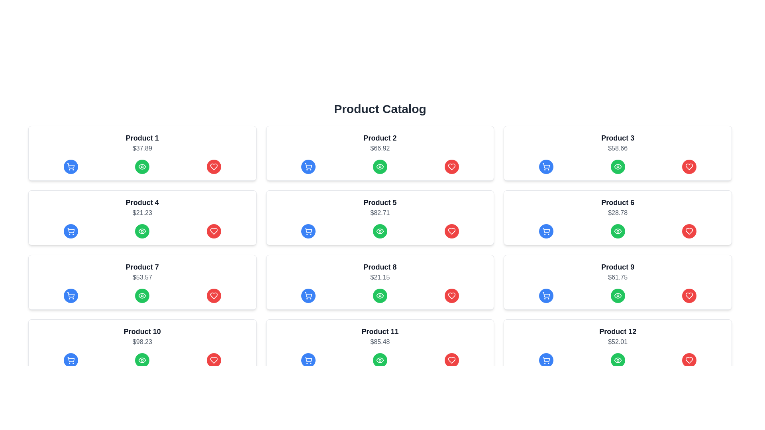  I want to click on the green eye icon, which is positioned below 'Product 4 $21.23', so click(142, 231).